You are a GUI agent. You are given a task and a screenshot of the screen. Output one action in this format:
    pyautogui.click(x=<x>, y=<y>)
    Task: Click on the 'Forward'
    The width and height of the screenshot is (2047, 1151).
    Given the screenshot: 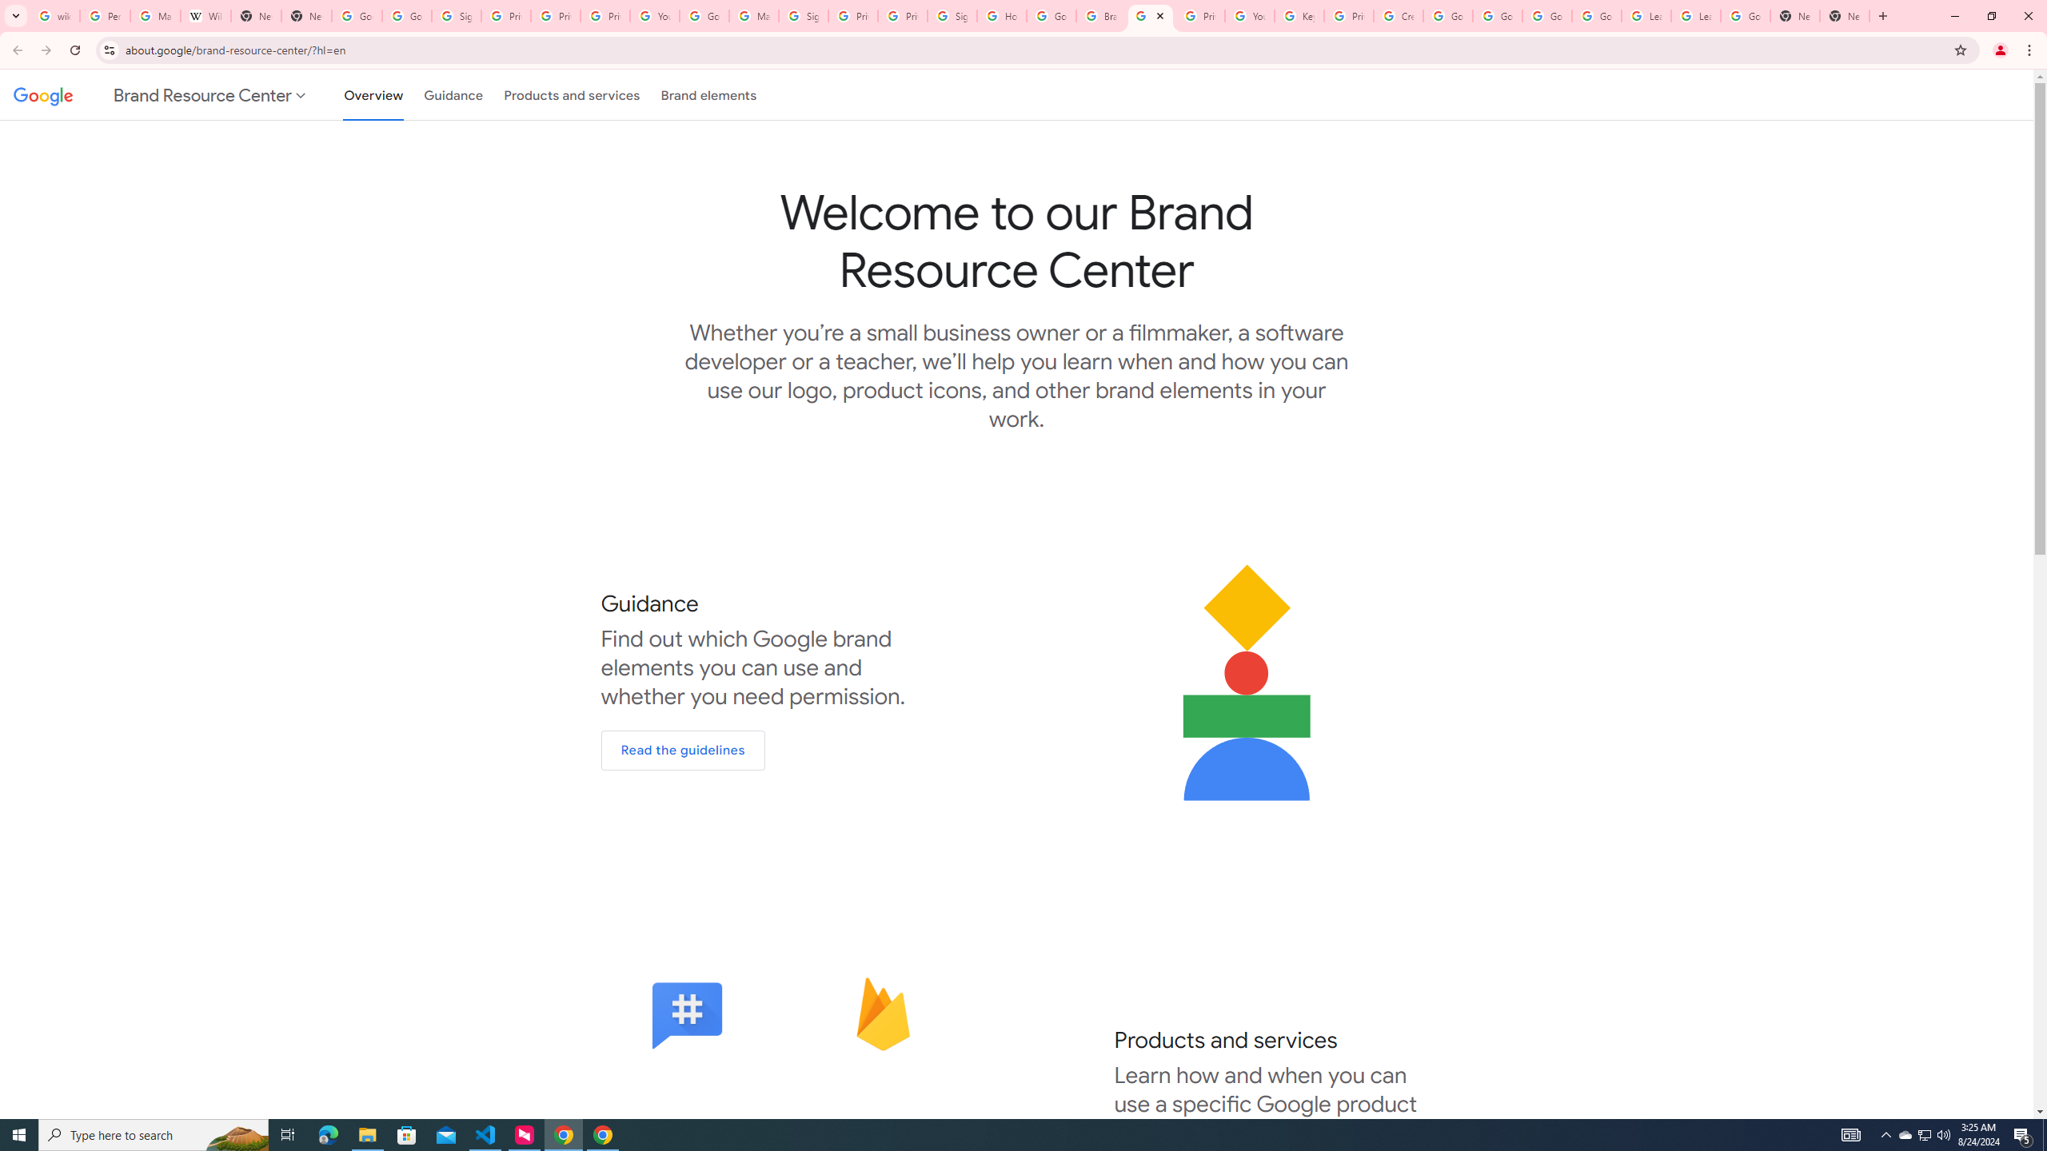 What is the action you would take?
    pyautogui.click(x=46, y=50)
    